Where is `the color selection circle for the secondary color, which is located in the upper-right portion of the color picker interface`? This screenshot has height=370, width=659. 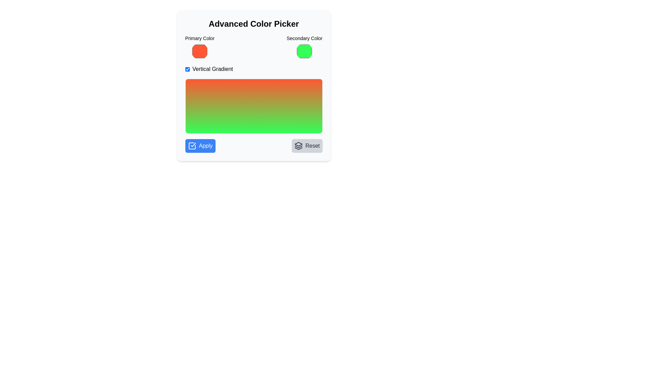
the color selection circle for the secondary color, which is located in the upper-right portion of the color picker interface is located at coordinates (304, 47).